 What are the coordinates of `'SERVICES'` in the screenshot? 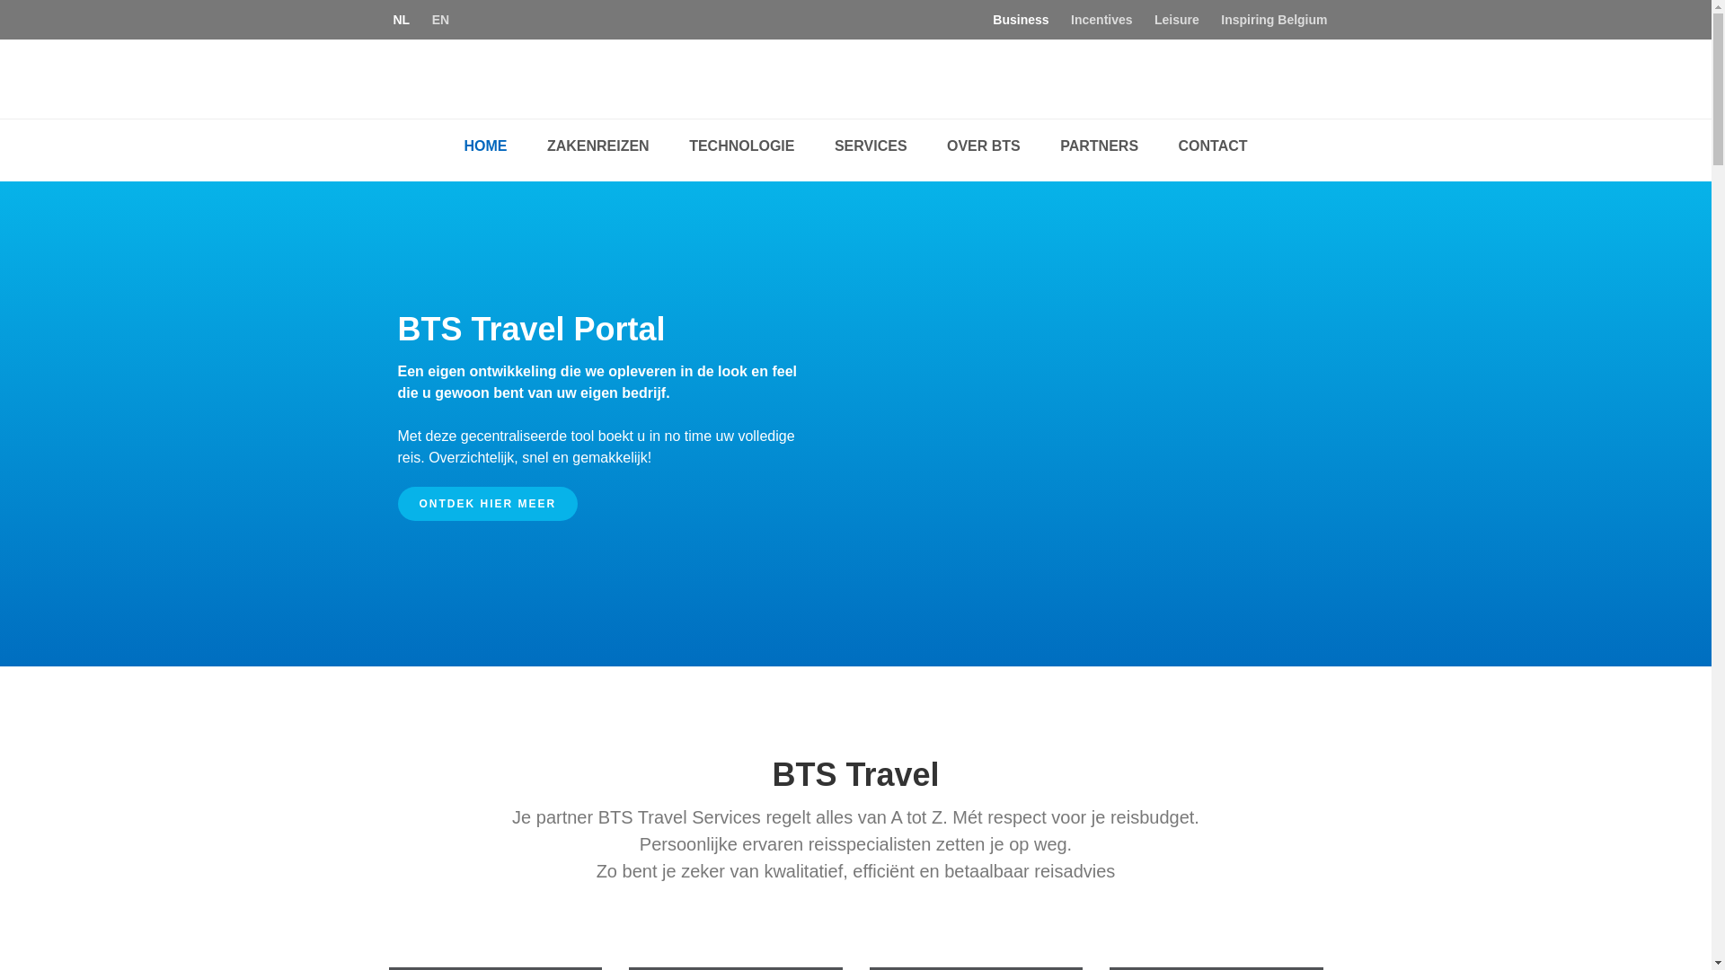 It's located at (871, 145).